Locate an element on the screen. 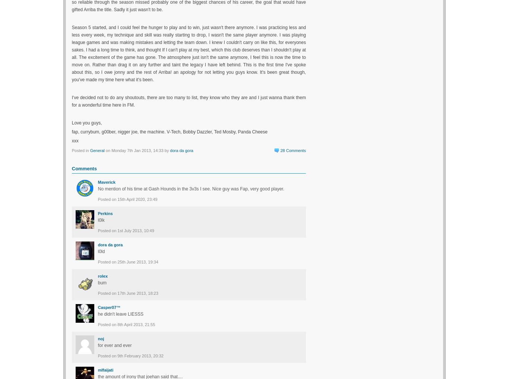  'No mention of his time at Gash Hounds in the 3v3s I see. Nice guy was Fap, very good player.' is located at coordinates (97, 188).